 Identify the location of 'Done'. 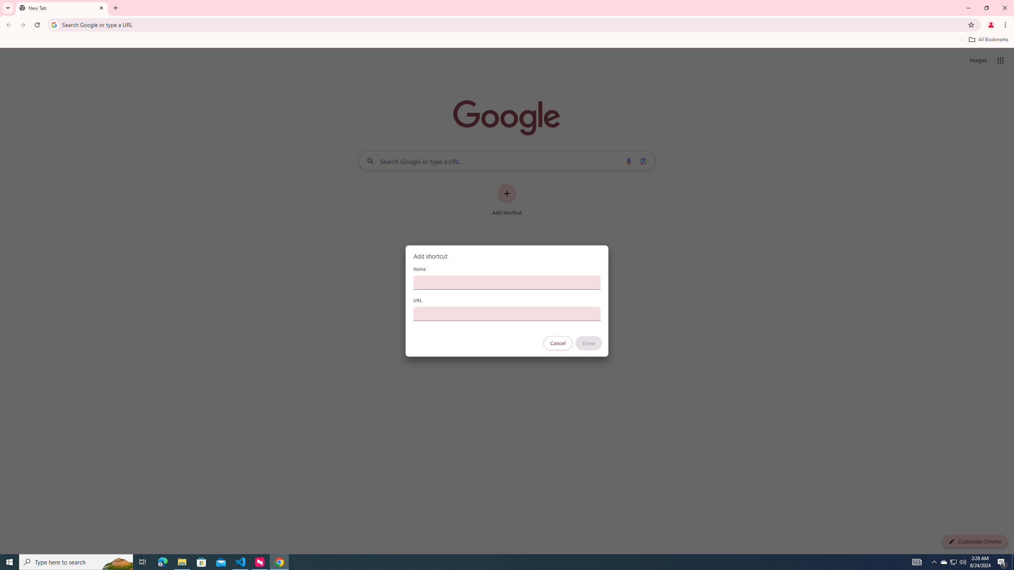
(589, 343).